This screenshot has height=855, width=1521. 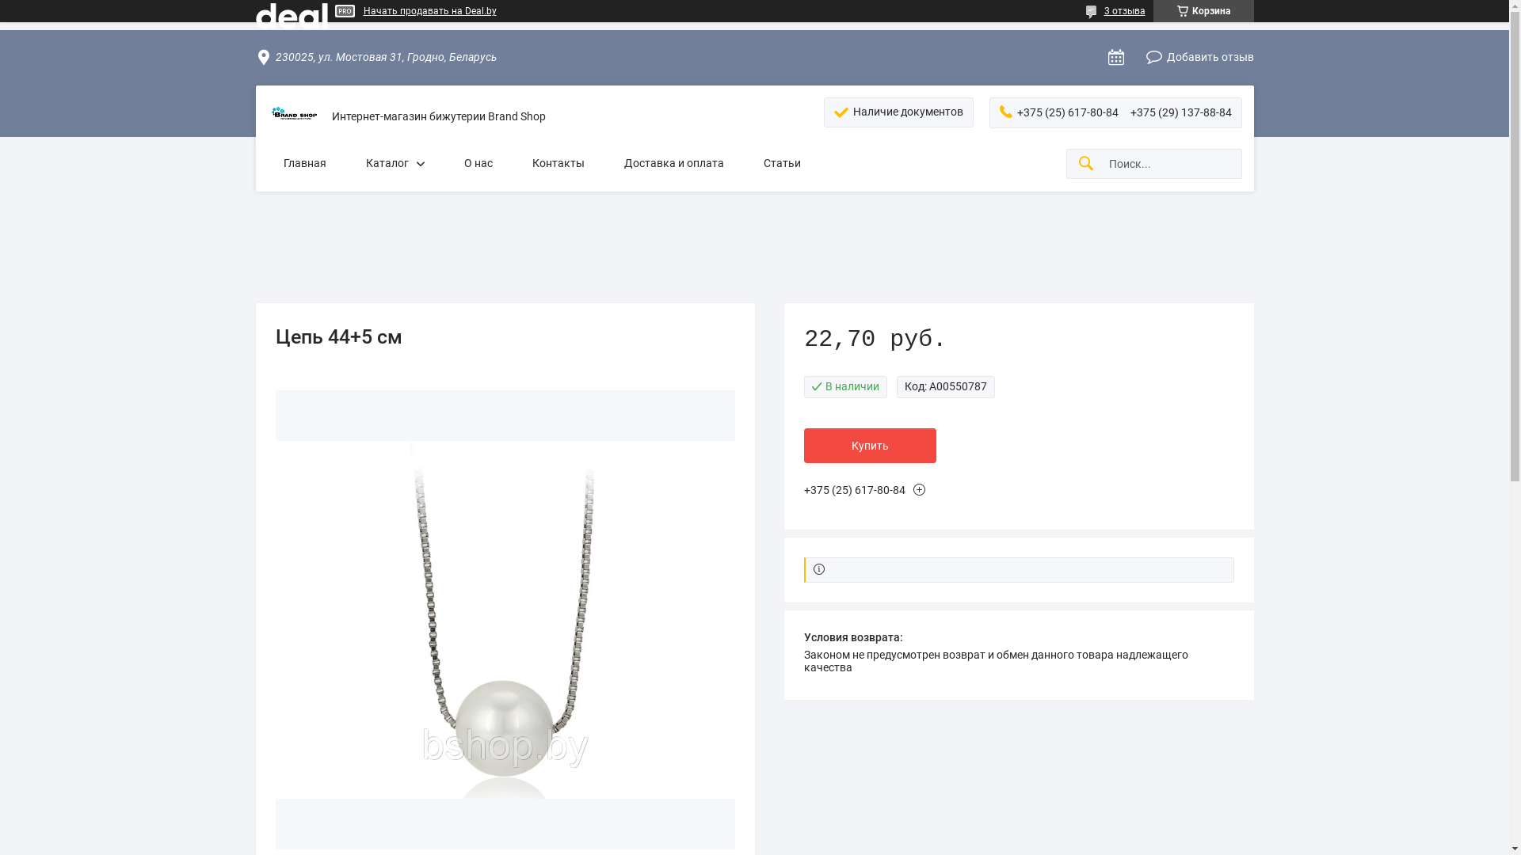 I want to click on 'Brand Shop', so click(x=293, y=116).